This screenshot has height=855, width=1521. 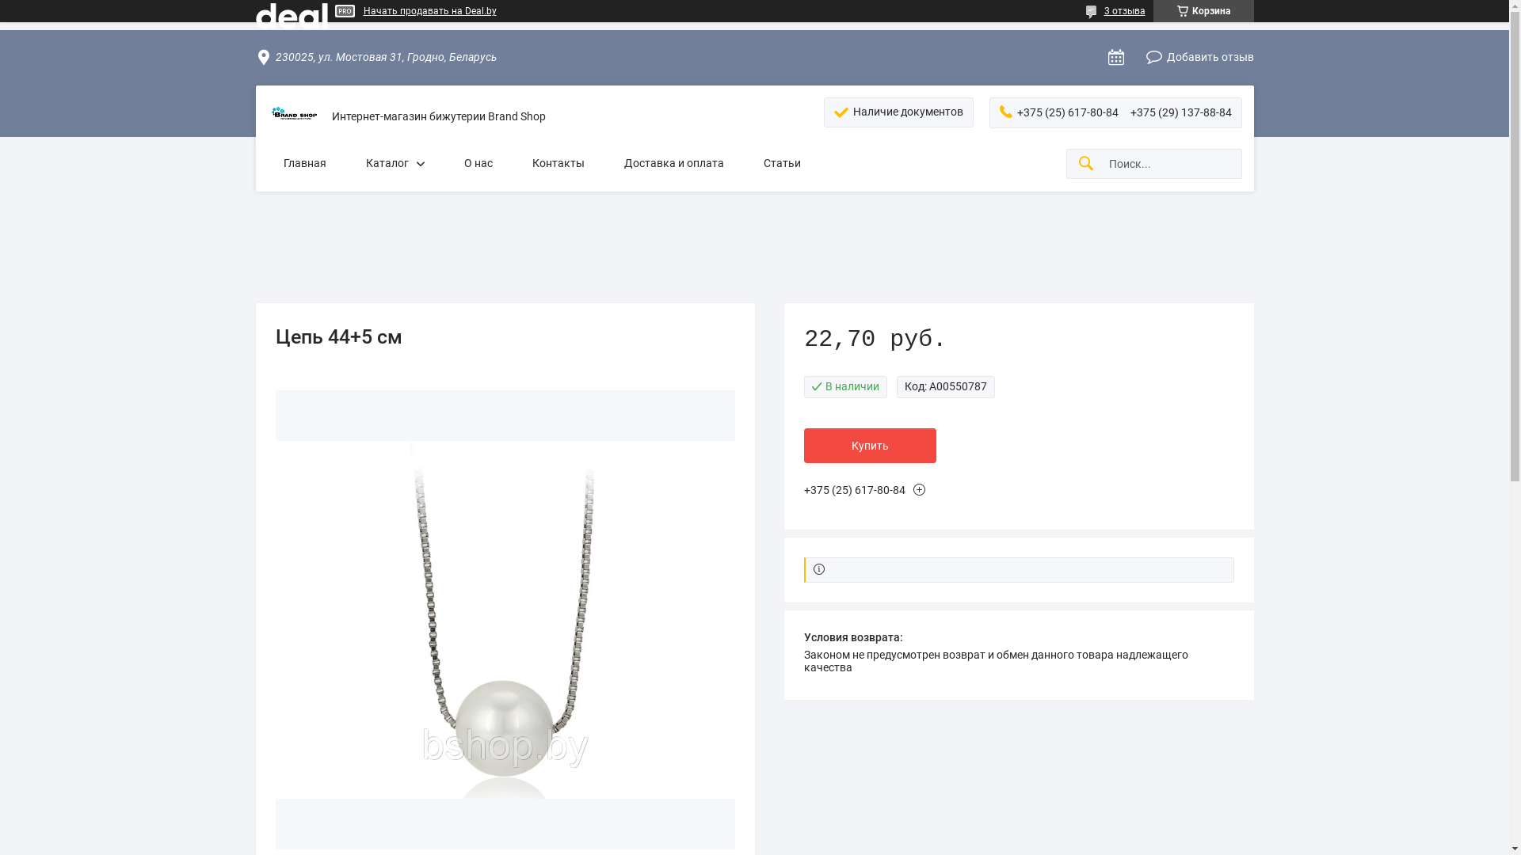 I want to click on 'Brand Shop', so click(x=293, y=116).